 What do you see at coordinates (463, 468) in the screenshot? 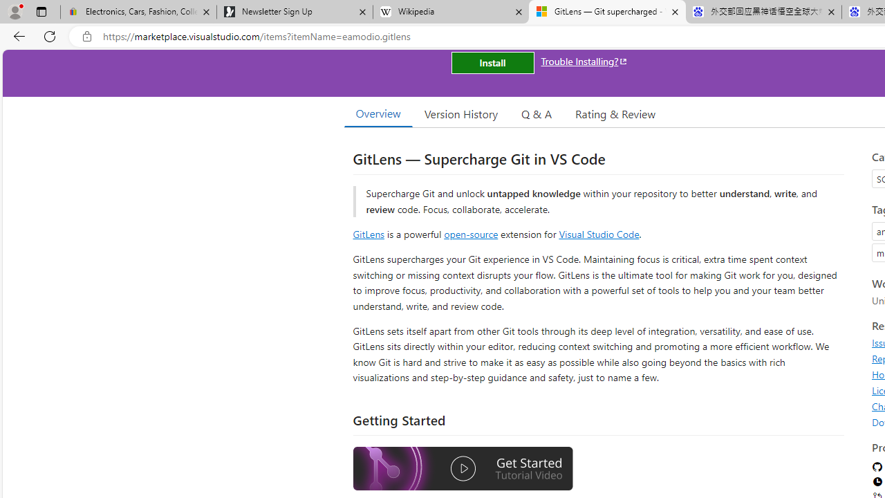
I see `'Watch the GitLens Getting Started video'` at bounding box center [463, 468].